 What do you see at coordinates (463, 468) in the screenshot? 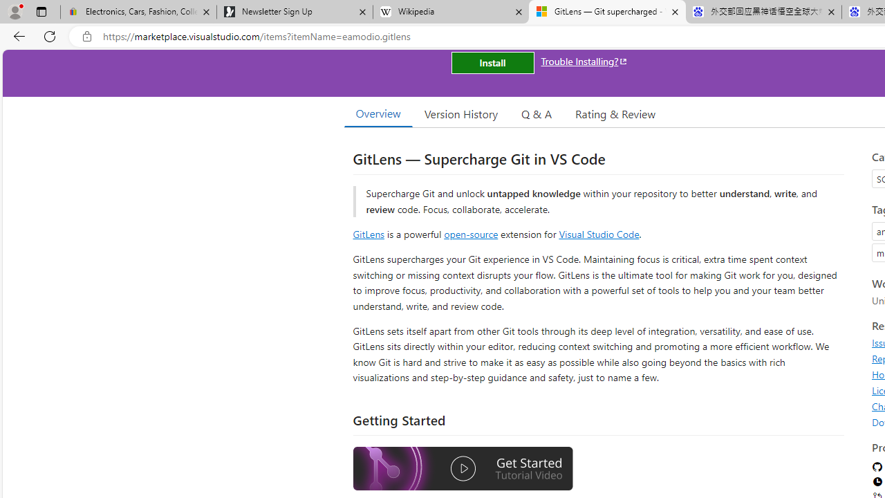
I see `'Watch the GitLens Getting Started video'` at bounding box center [463, 468].